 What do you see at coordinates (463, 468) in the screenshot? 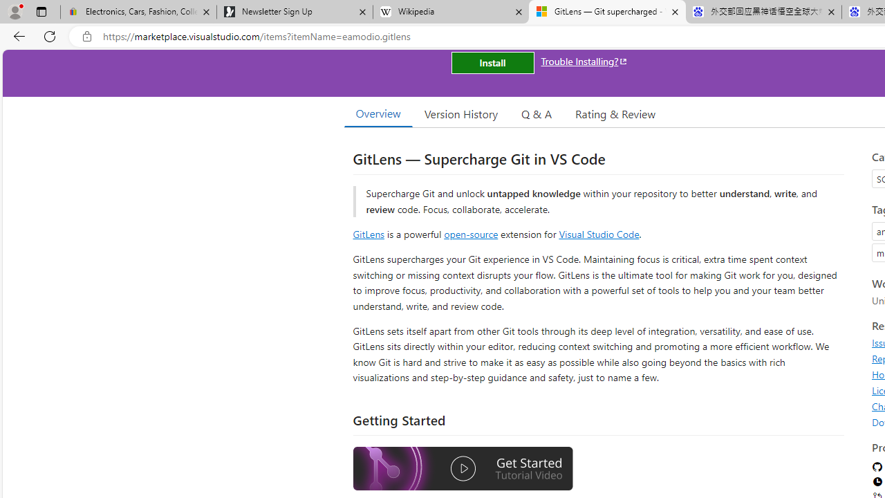
I see `'Watch the GitLens Getting Started video'` at bounding box center [463, 468].